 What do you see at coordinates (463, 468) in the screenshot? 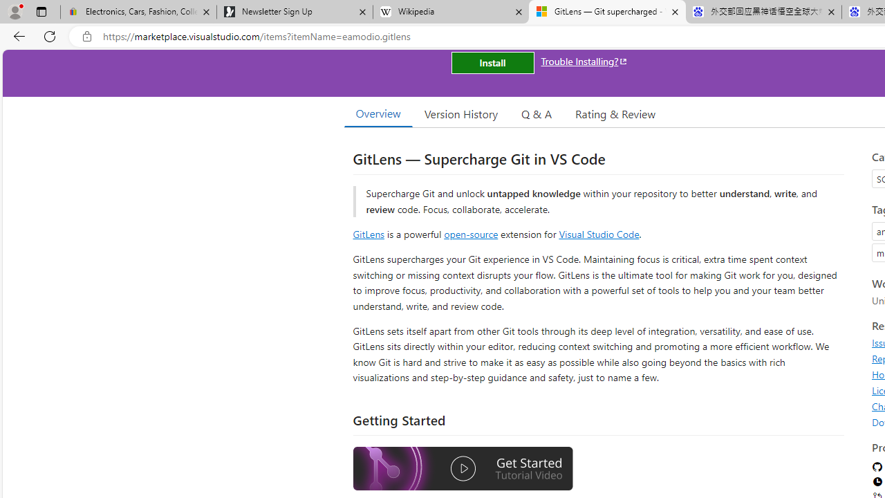
I see `'Watch the GitLens Getting Started video'` at bounding box center [463, 468].